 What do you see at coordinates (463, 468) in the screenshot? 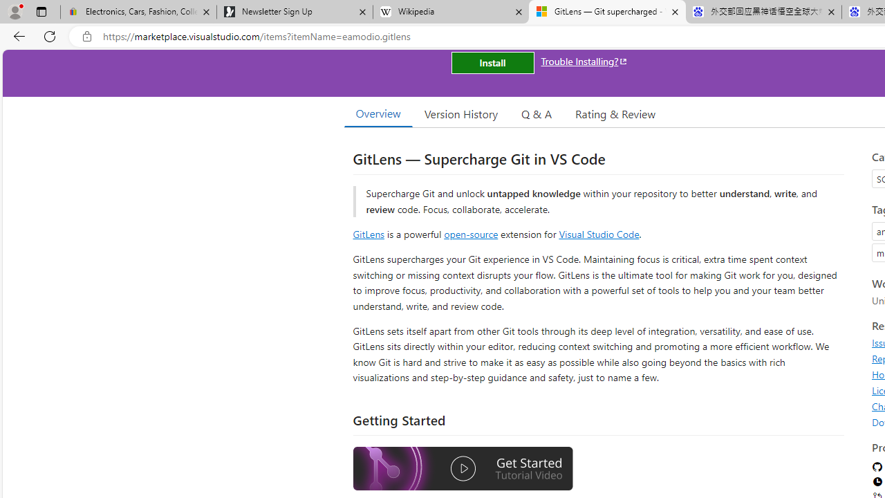
I see `'Watch the GitLens Getting Started video'` at bounding box center [463, 468].